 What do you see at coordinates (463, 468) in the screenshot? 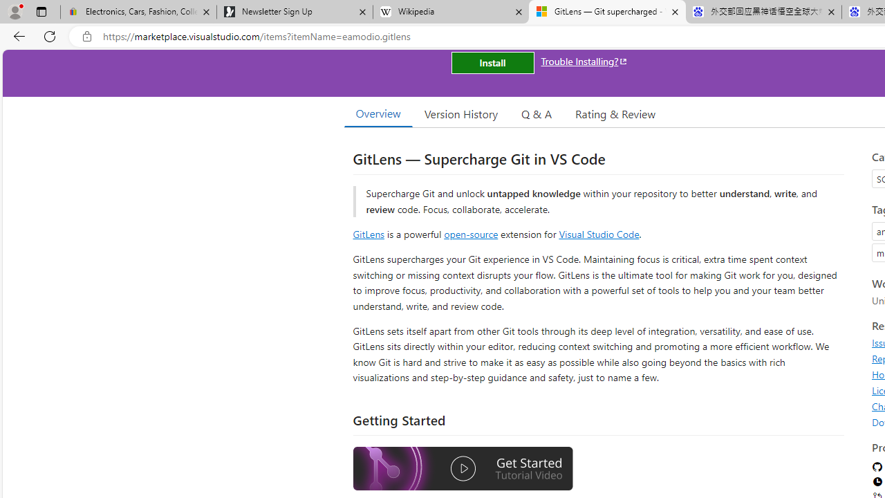
I see `'Watch the GitLens Getting Started video'` at bounding box center [463, 468].